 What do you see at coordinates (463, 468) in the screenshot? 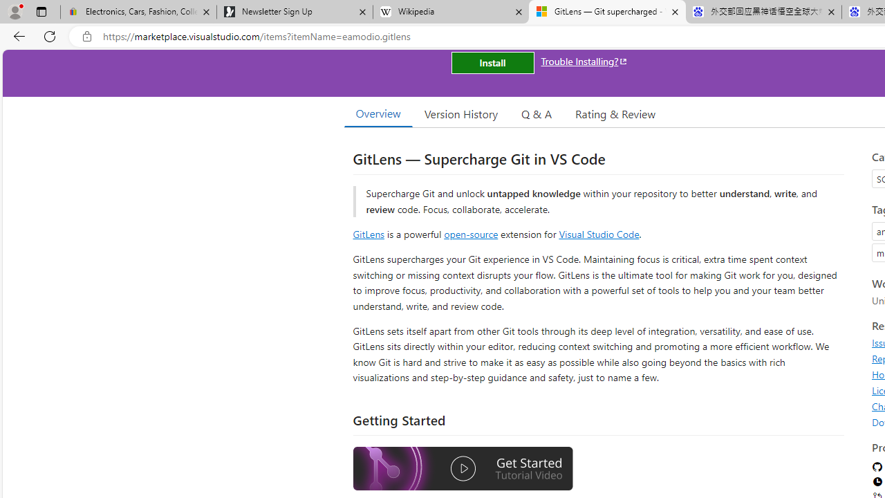
I see `'Watch the GitLens Getting Started video'` at bounding box center [463, 468].